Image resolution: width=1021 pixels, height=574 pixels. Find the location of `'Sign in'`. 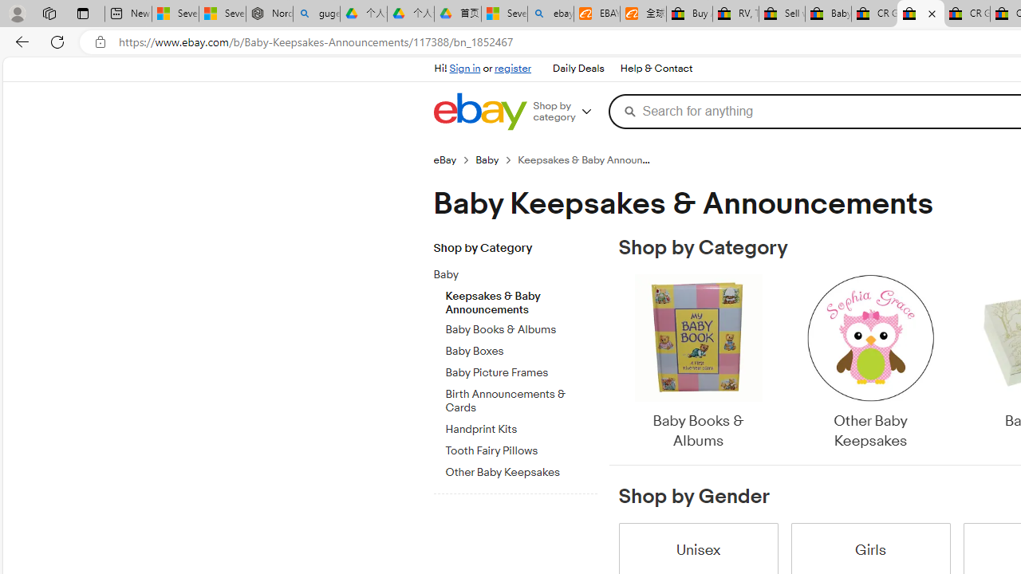

'Sign in' is located at coordinates (464, 68).